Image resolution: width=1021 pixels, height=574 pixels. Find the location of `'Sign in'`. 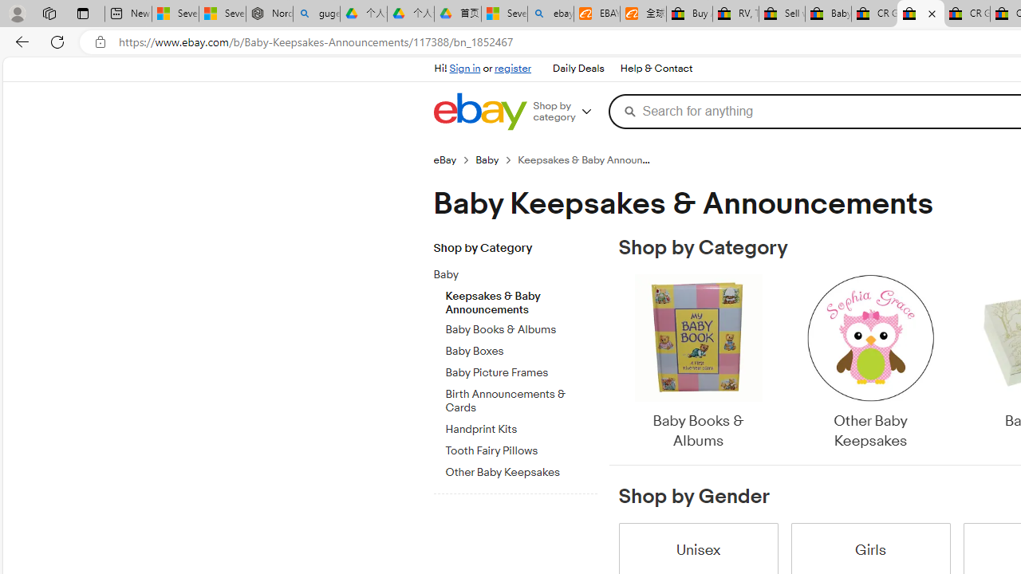

'Sign in' is located at coordinates (464, 68).